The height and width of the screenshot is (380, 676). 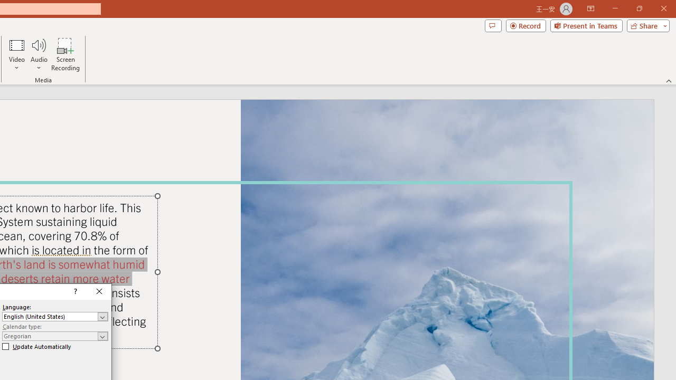 I want to click on 'Update Automatically', so click(x=36, y=347).